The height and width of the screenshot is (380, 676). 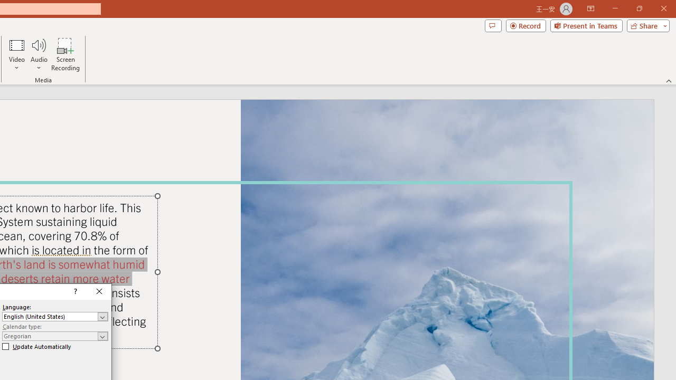 I want to click on 'Update Automatically', so click(x=36, y=347).